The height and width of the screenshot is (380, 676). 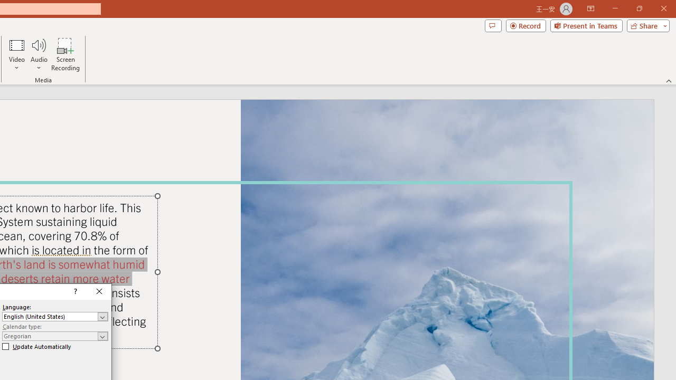 I want to click on 'Update Automatically', so click(x=36, y=347).